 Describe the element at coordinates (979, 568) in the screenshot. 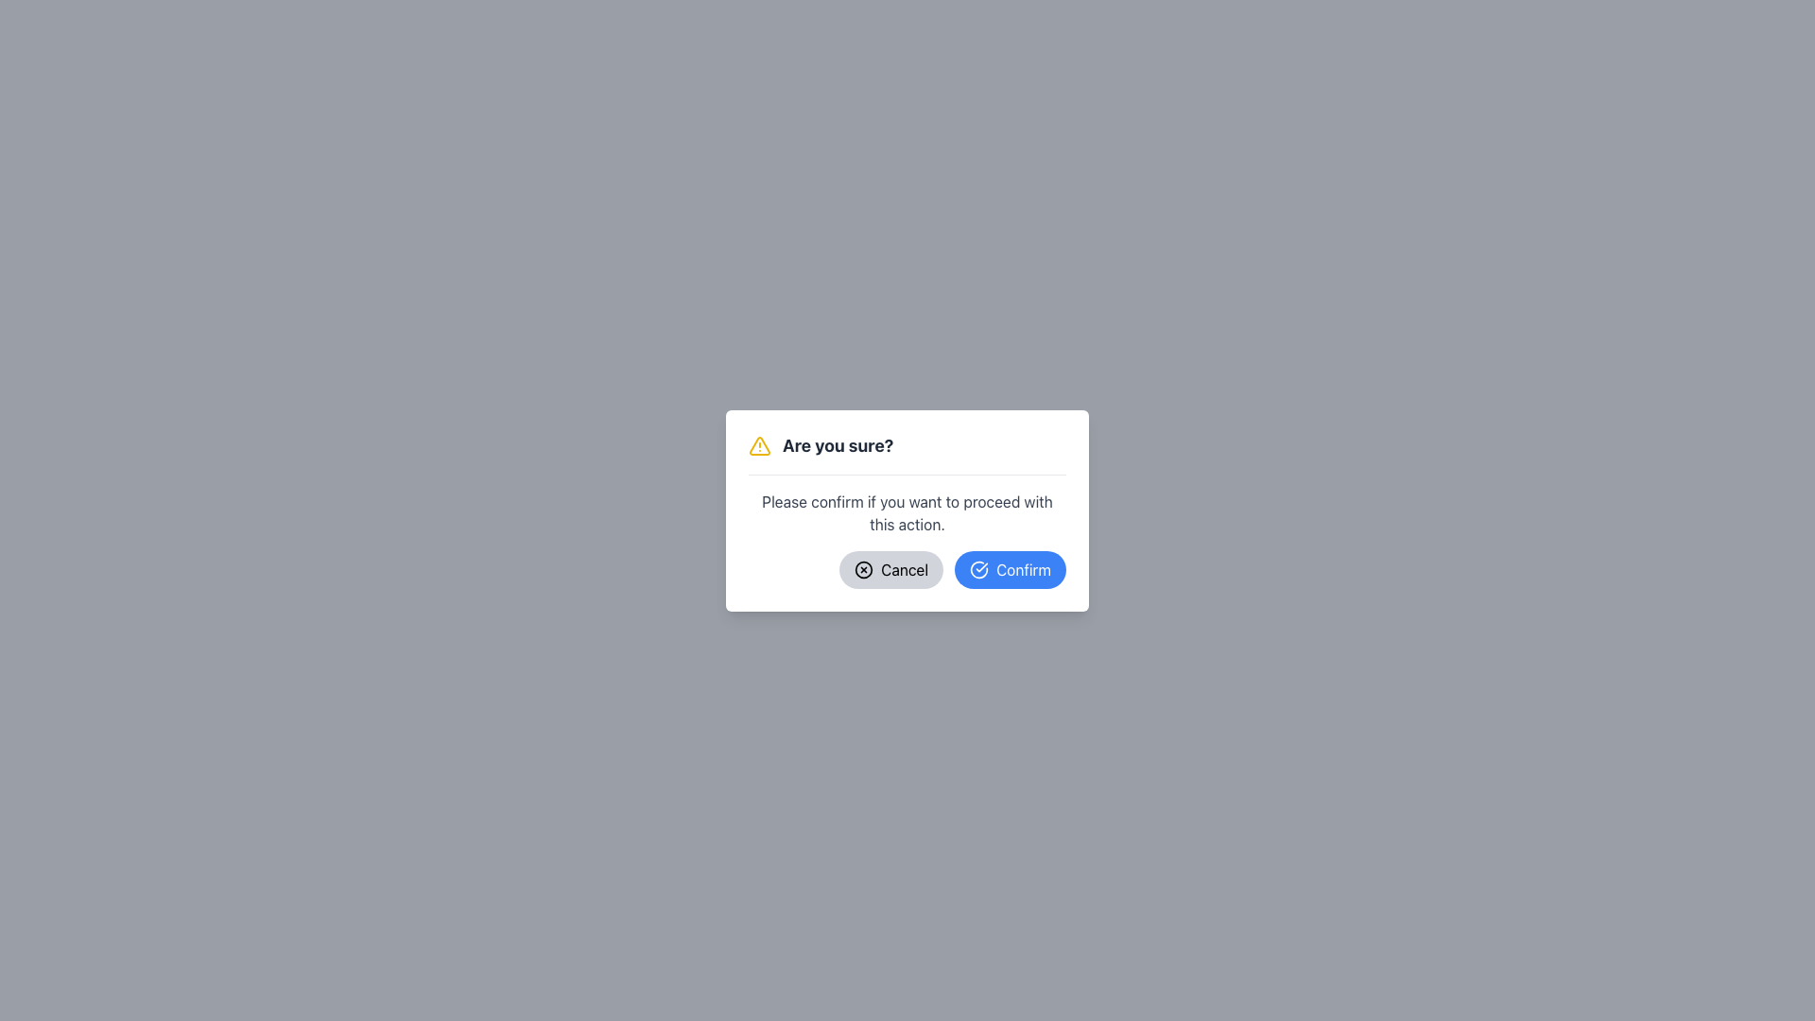

I see `the decorative circular checkmark icon that visually represents a confirmation action, located to the left of the 'Confirm' button` at that location.